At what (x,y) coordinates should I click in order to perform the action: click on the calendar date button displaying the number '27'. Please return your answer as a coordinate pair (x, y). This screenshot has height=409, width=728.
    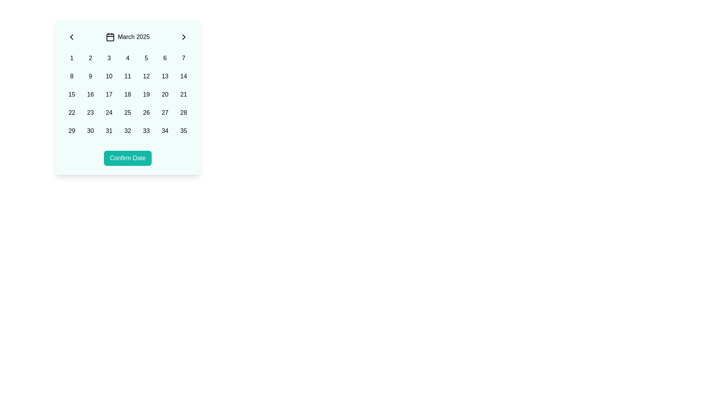
    Looking at the image, I should click on (165, 112).